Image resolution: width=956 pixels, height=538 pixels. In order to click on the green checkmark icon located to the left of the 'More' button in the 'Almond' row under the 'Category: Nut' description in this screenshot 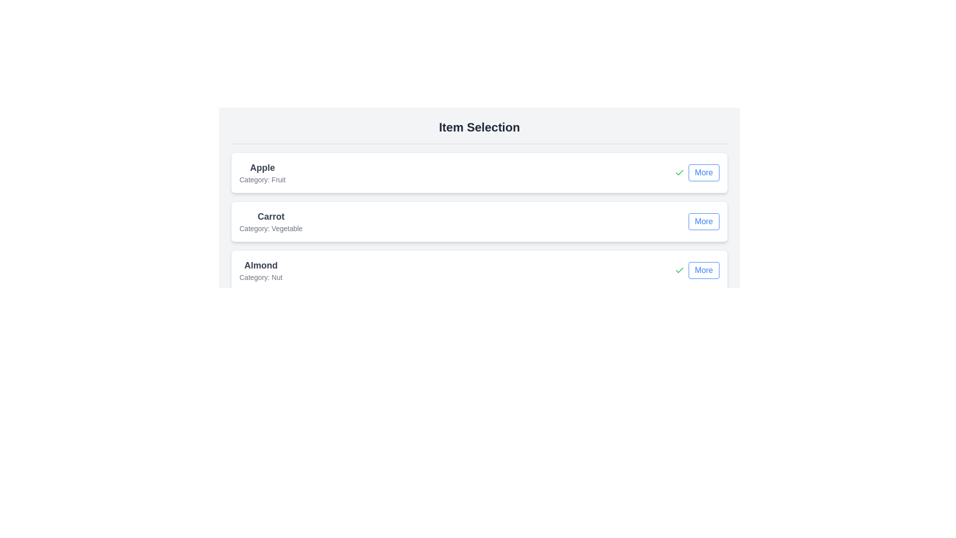, I will do `click(679, 172)`.